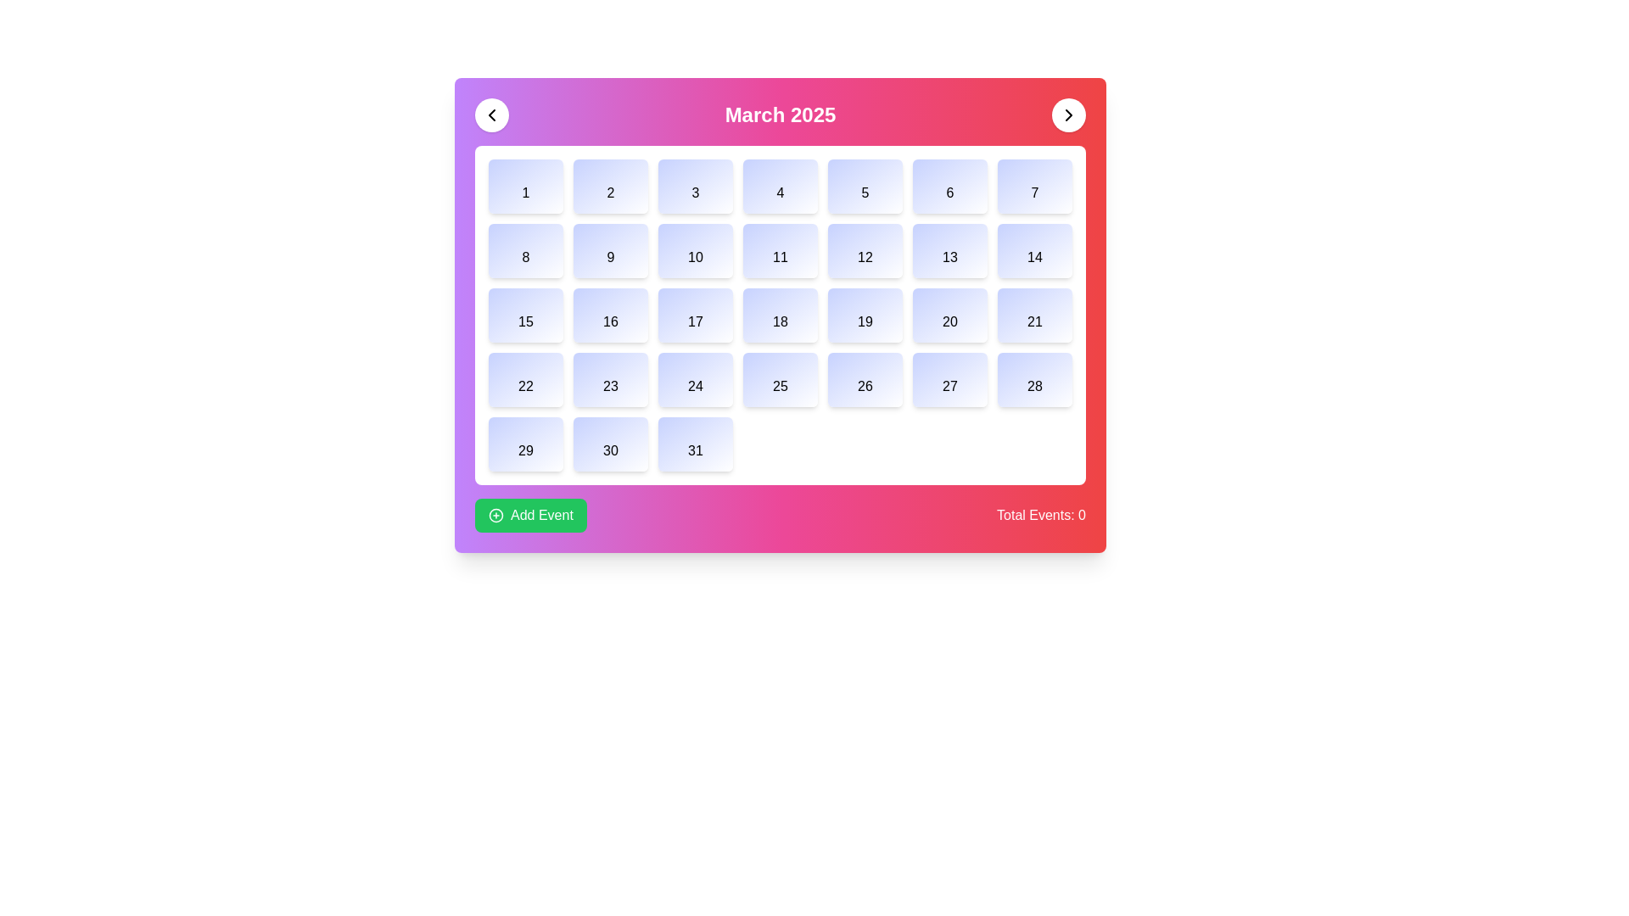  What do you see at coordinates (949, 251) in the screenshot?
I see `the text label representing the 13th day of the month in the second row, seventh column of the calendar grid layout` at bounding box center [949, 251].